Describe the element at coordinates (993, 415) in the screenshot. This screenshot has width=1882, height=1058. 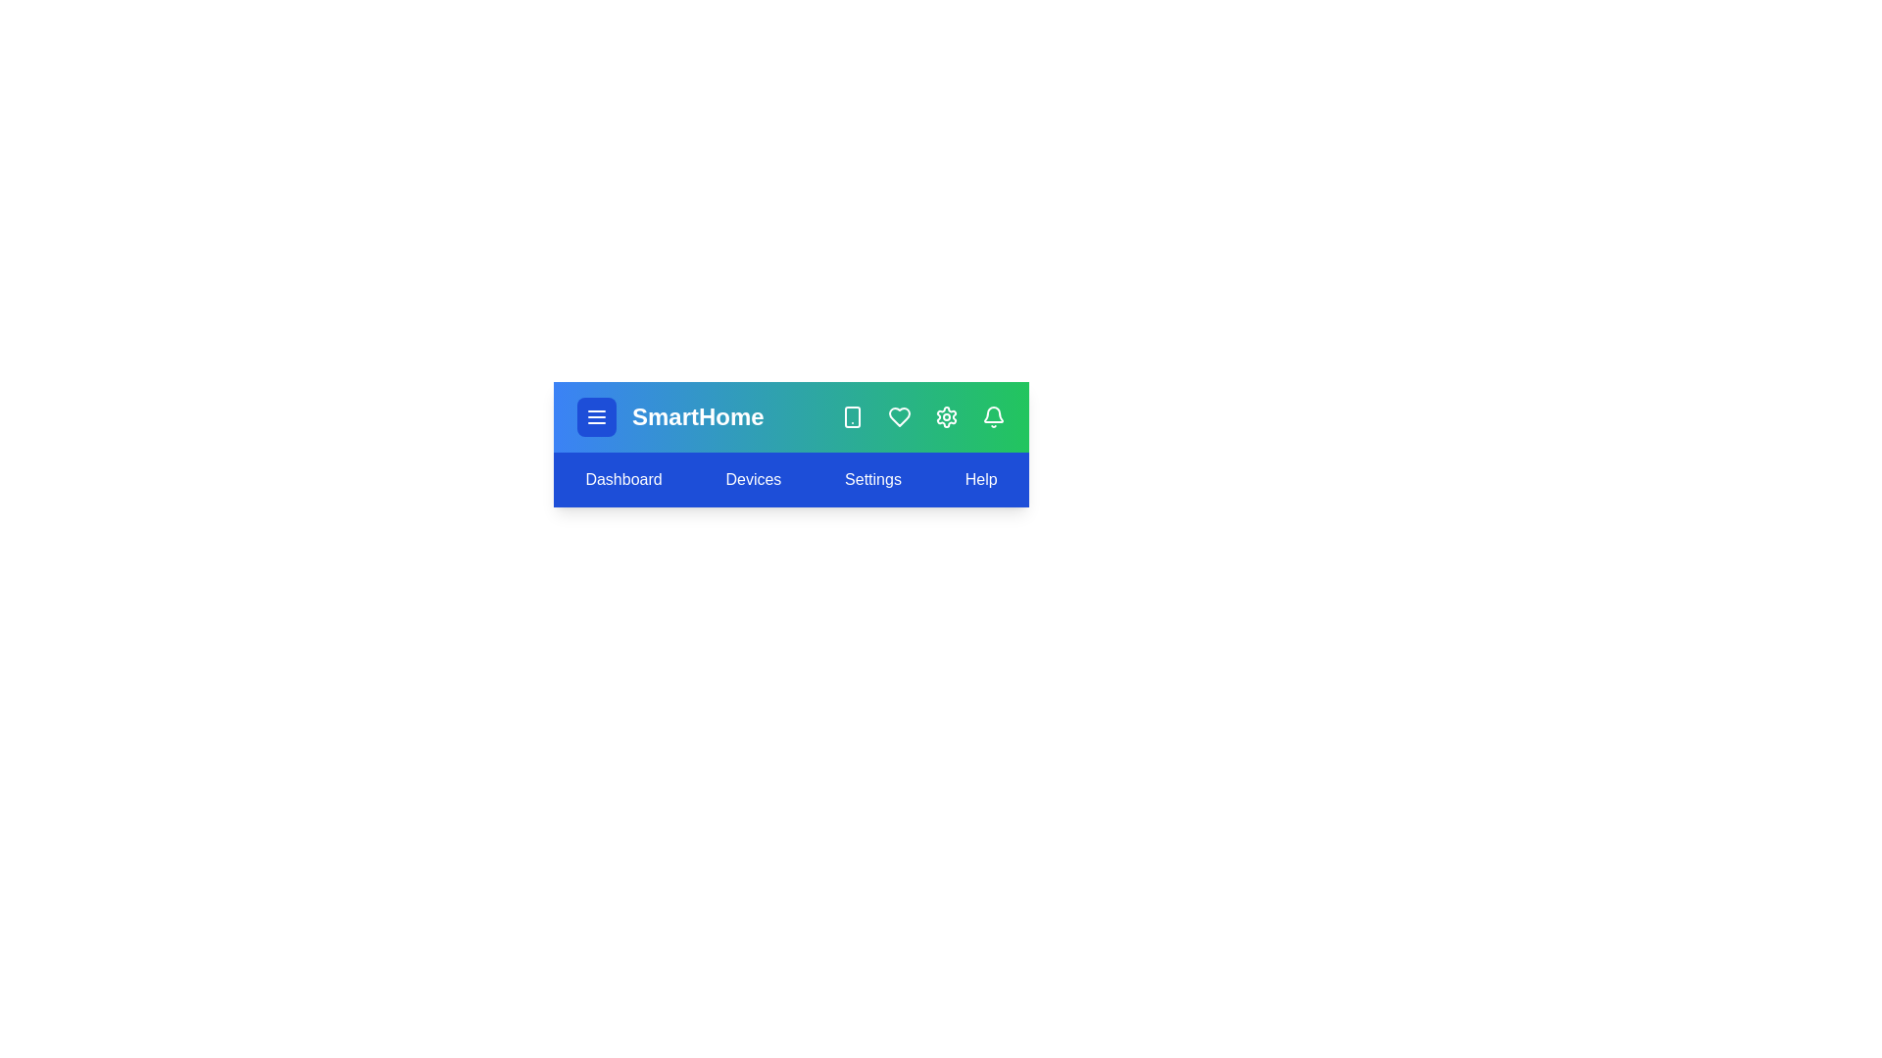
I see `the 'Bell' icon in the app bar` at that location.